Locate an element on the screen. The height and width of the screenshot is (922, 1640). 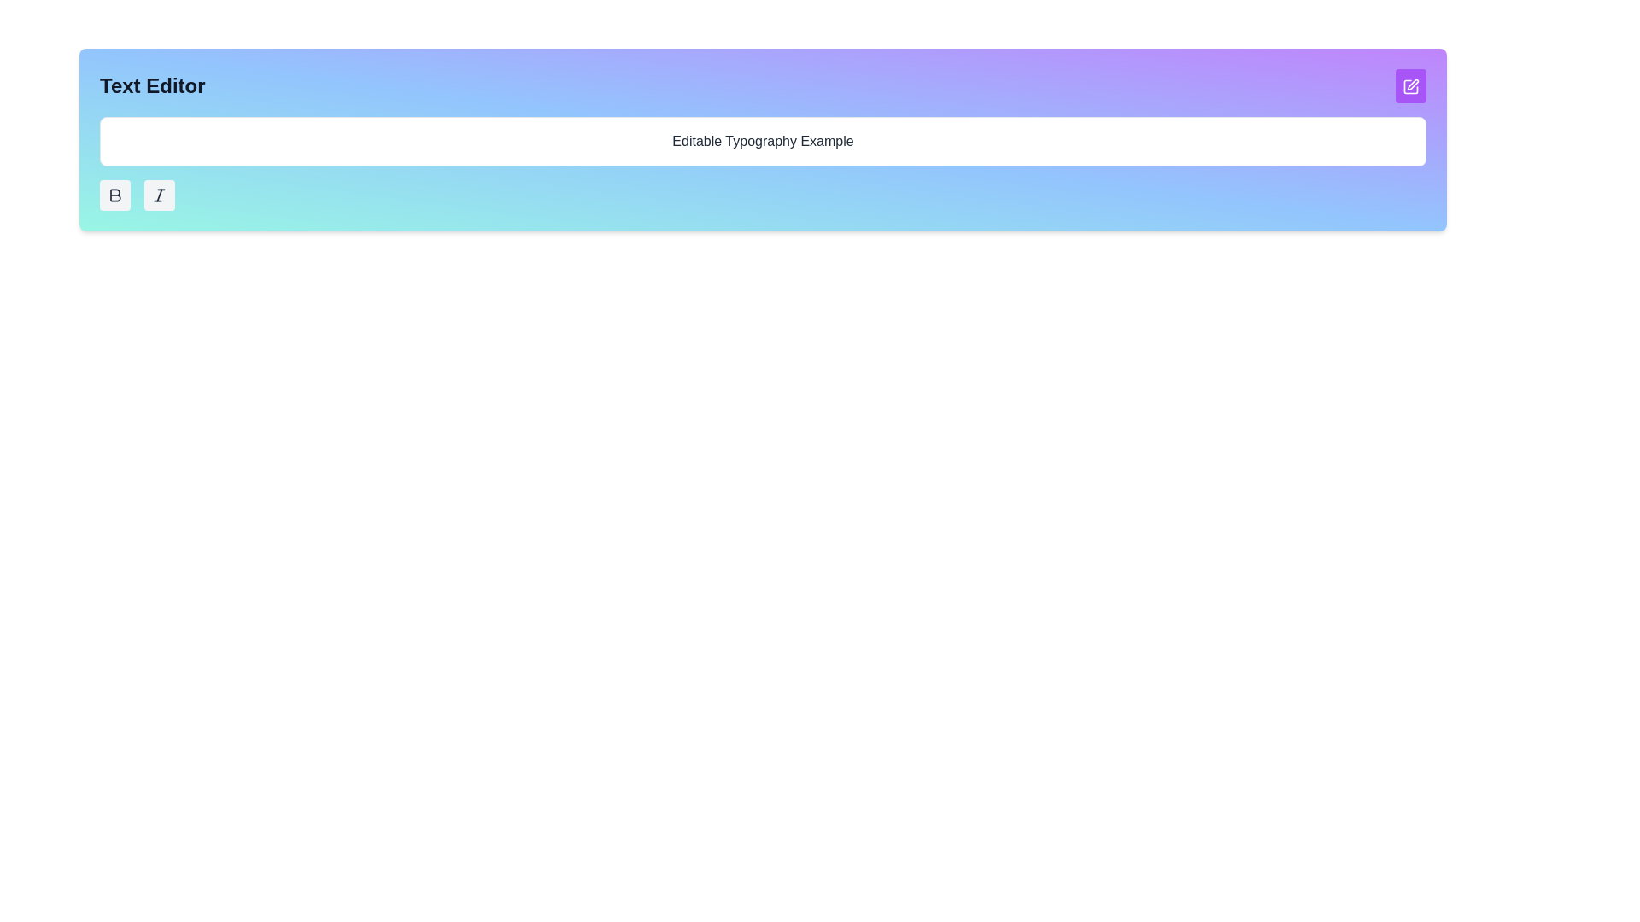
the 'Text Editor' label, which is a bold, large font text in dark gray, located at the upper-left corner of its gradient-colored header is located at coordinates (152, 85).